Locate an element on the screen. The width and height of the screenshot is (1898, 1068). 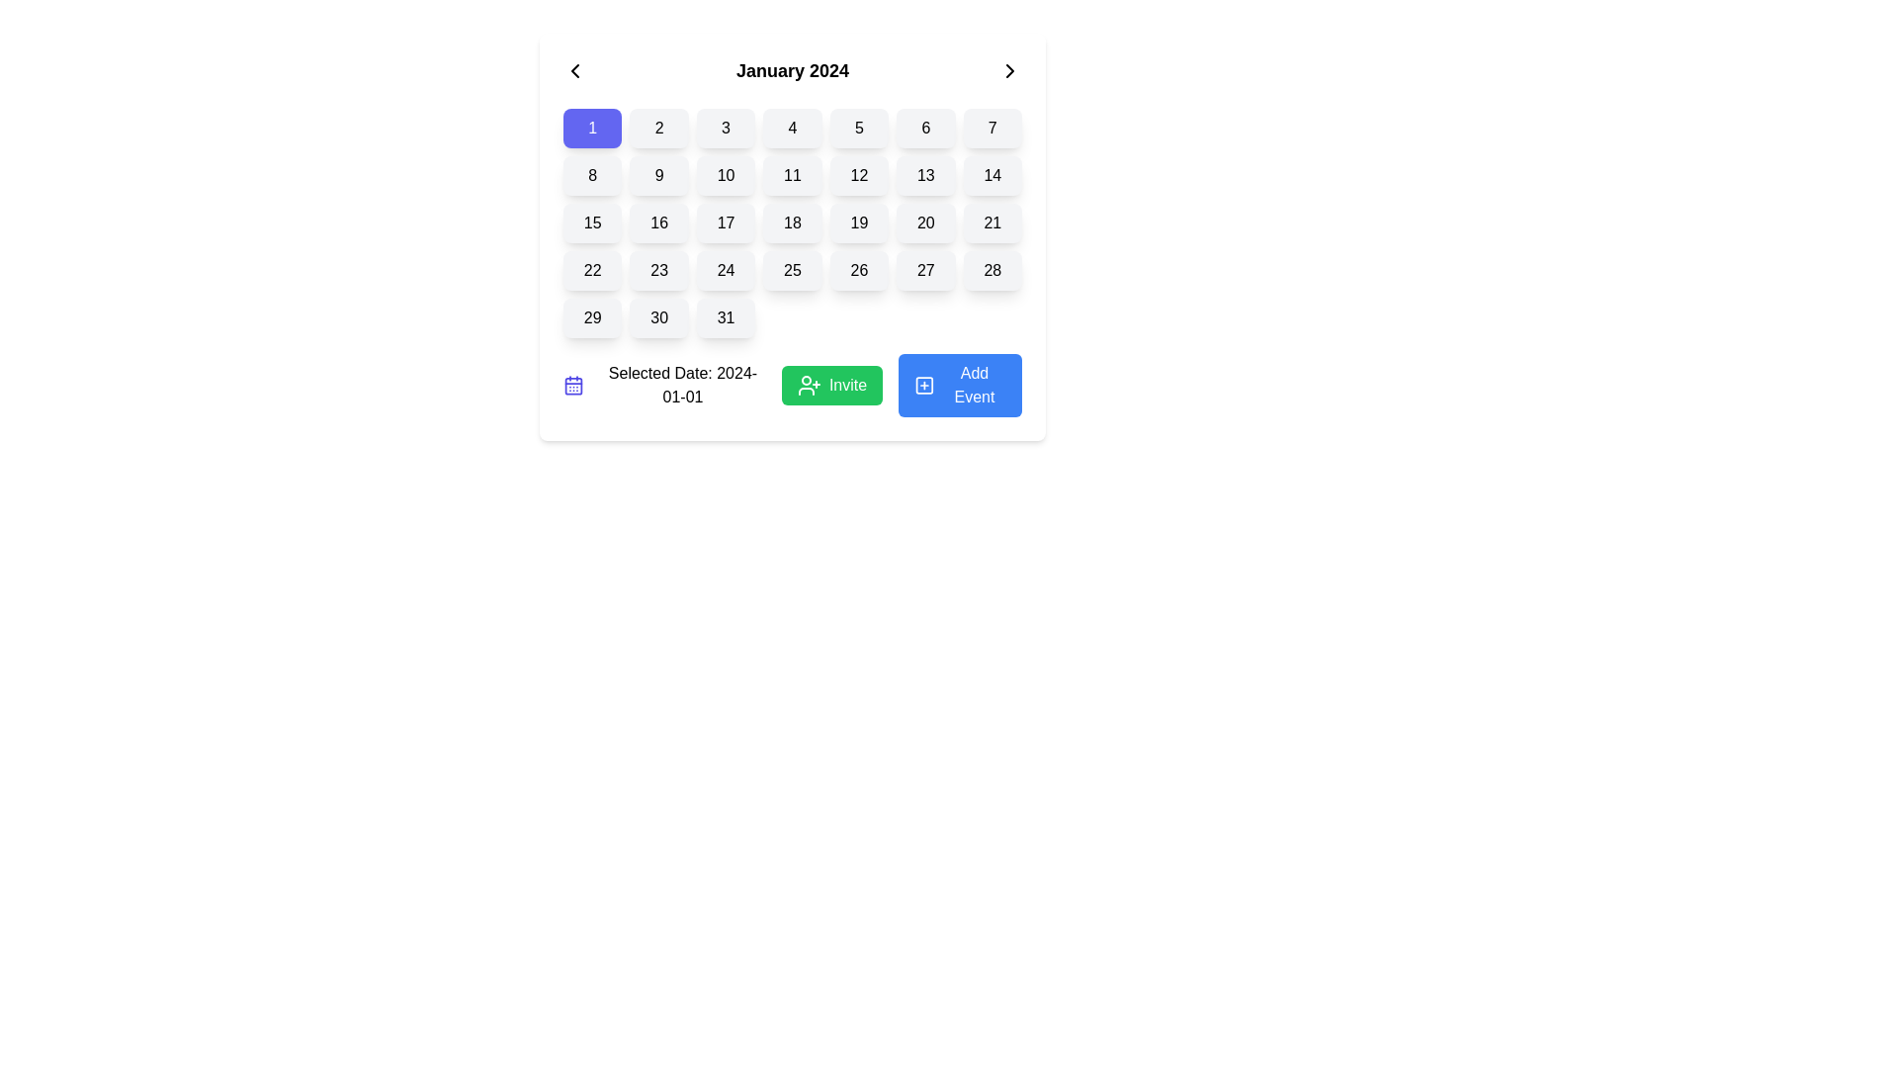
the square calendar button displaying the number '25' is located at coordinates (792, 270).